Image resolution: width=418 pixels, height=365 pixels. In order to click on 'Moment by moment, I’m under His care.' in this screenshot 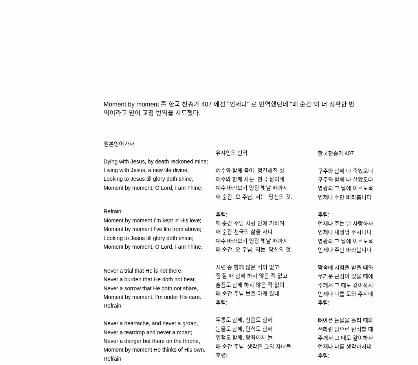, I will do `click(152, 296)`.